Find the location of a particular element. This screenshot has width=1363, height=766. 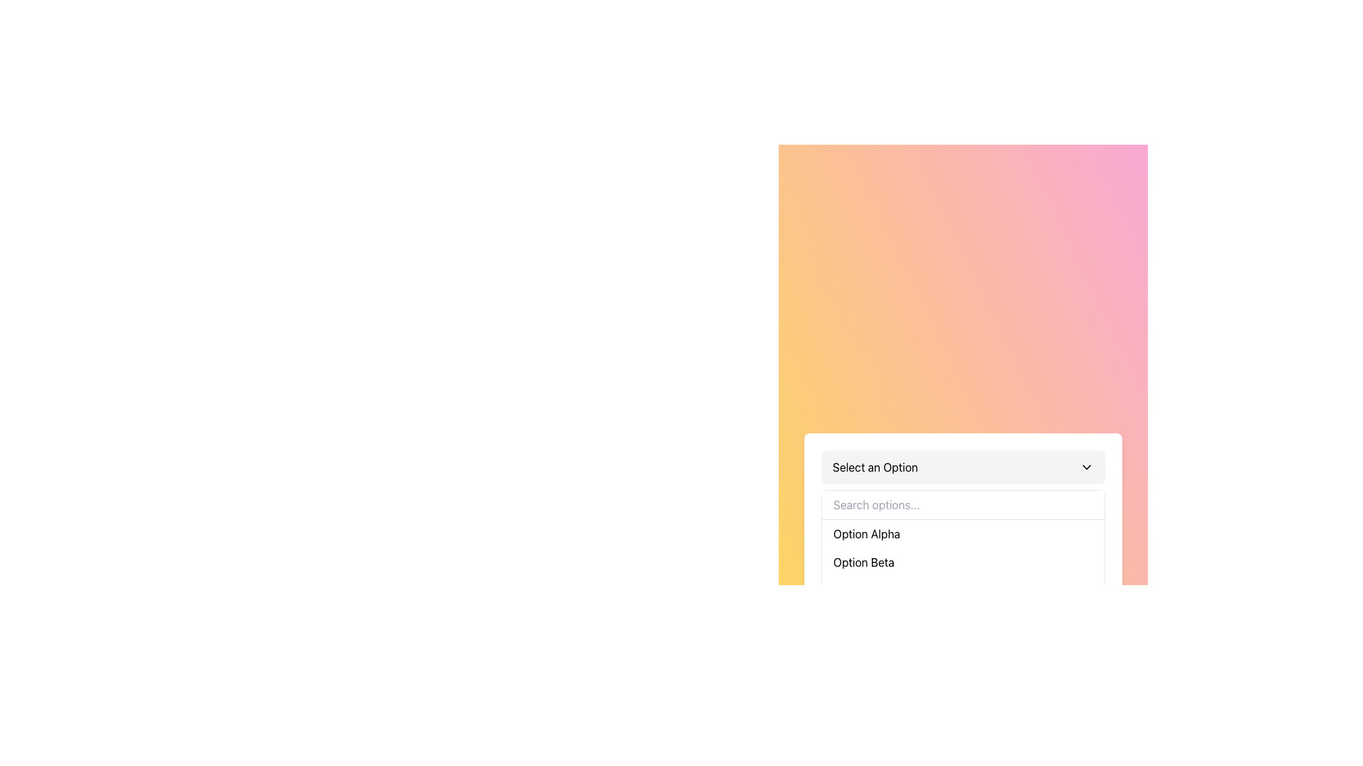

the 'Option Beta' item in the dropdown list is located at coordinates (963, 560).